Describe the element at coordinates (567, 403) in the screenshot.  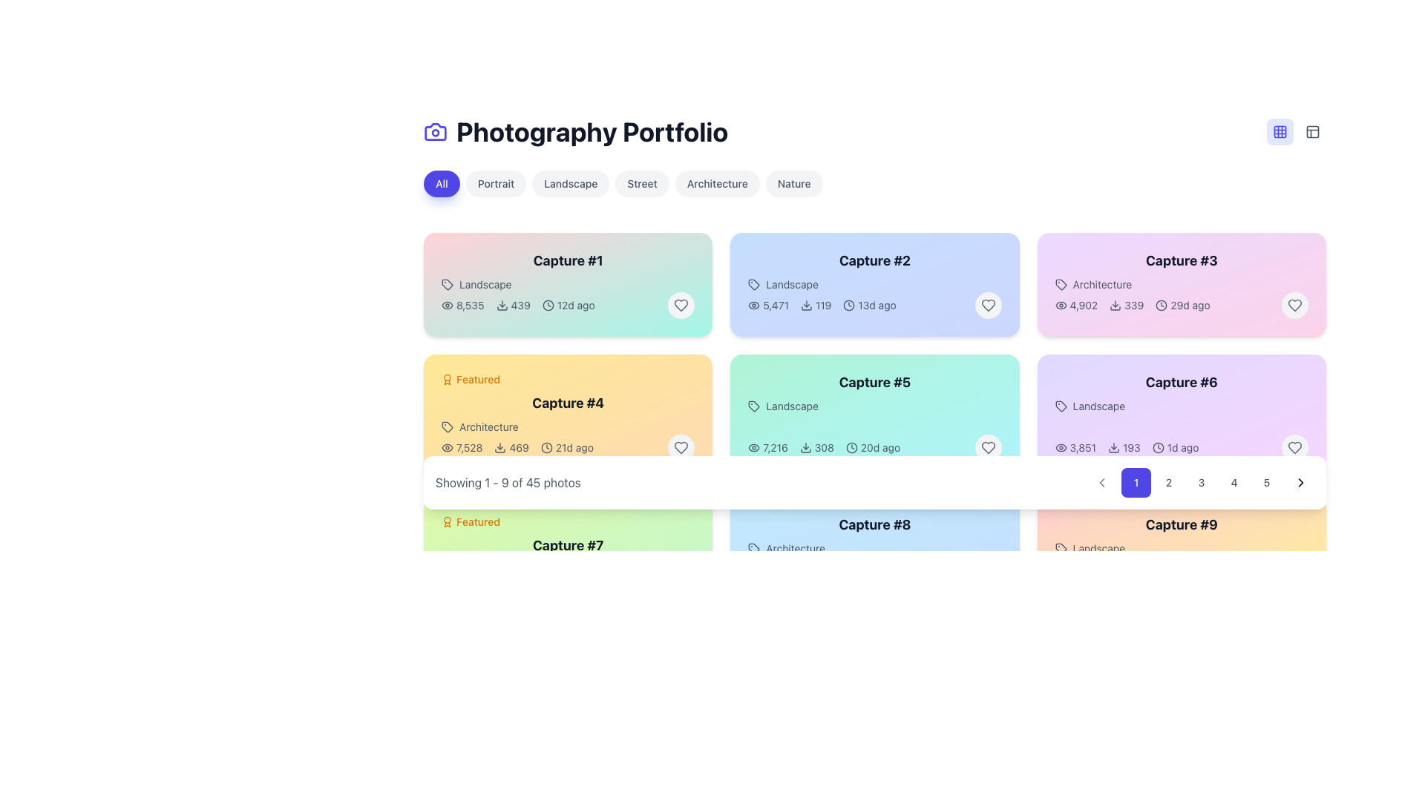
I see `the title text labeled 'Capture #4', which is styled in bold, large gray font with a yellow-orange background, located in the middle row, second column of the 3x3 grid layout` at that location.